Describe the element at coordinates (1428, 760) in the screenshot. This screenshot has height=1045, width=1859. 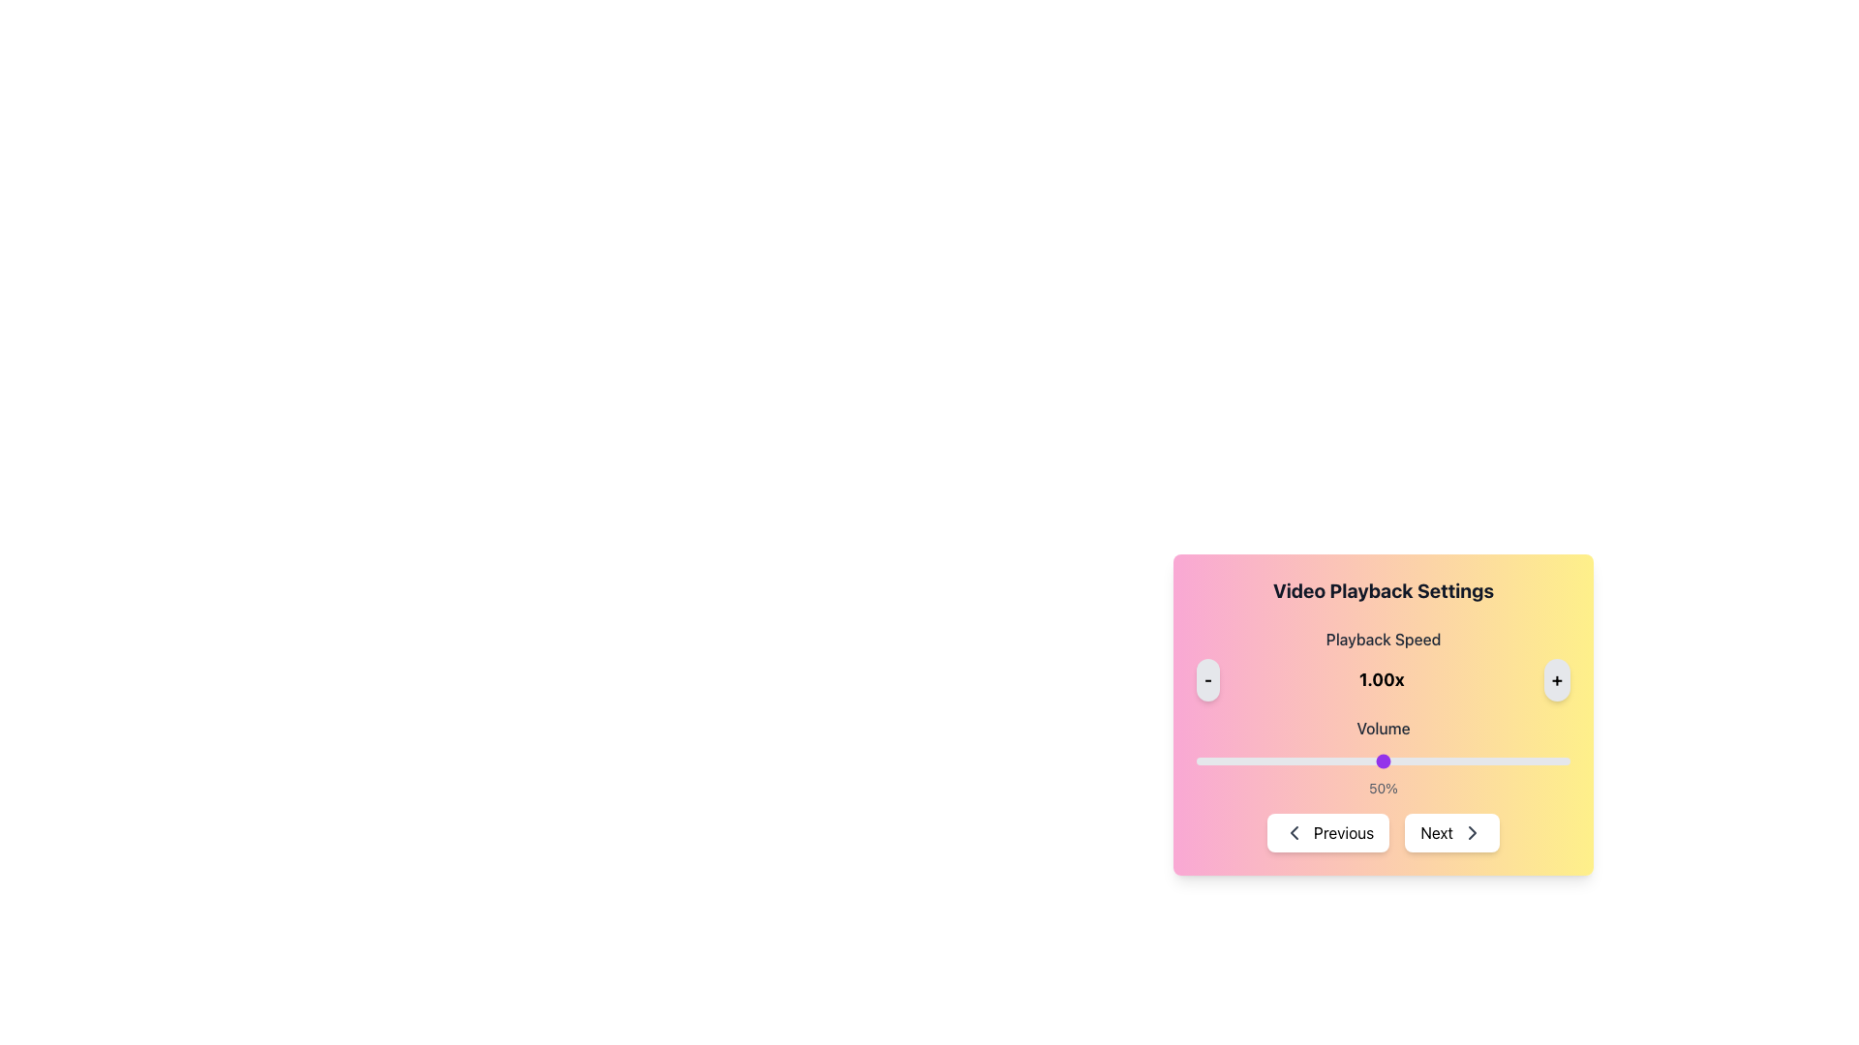
I see `the volume slider` at that location.